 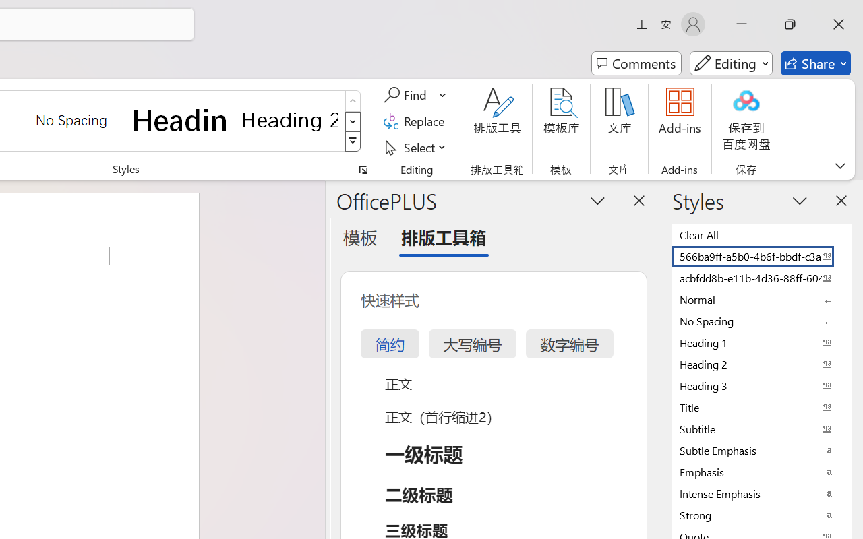 What do you see at coordinates (762, 385) in the screenshot?
I see `'Heading 3'` at bounding box center [762, 385].